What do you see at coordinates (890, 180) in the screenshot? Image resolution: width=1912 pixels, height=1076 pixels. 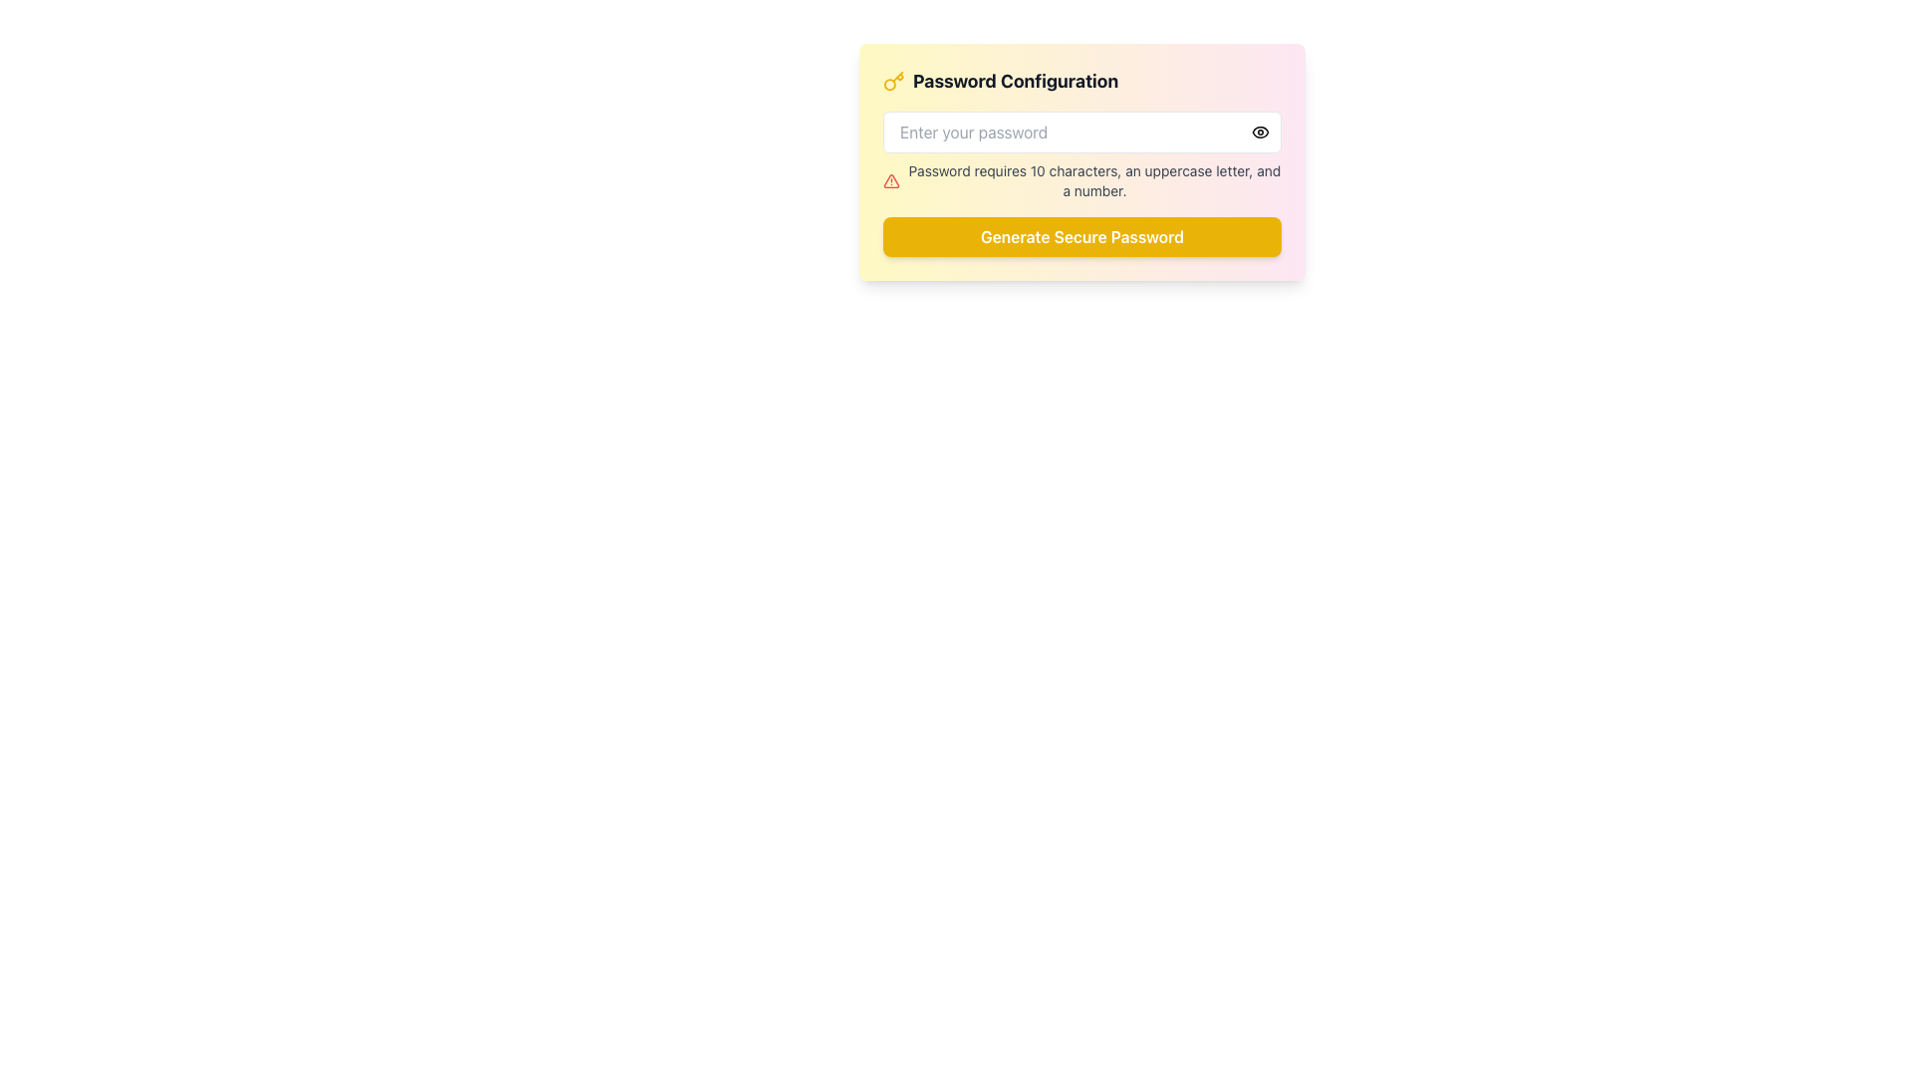 I see `the warning SVG icon that is positioned above the 'Generate Secure Password' button and to the left of the warning text about password requirements` at bounding box center [890, 180].